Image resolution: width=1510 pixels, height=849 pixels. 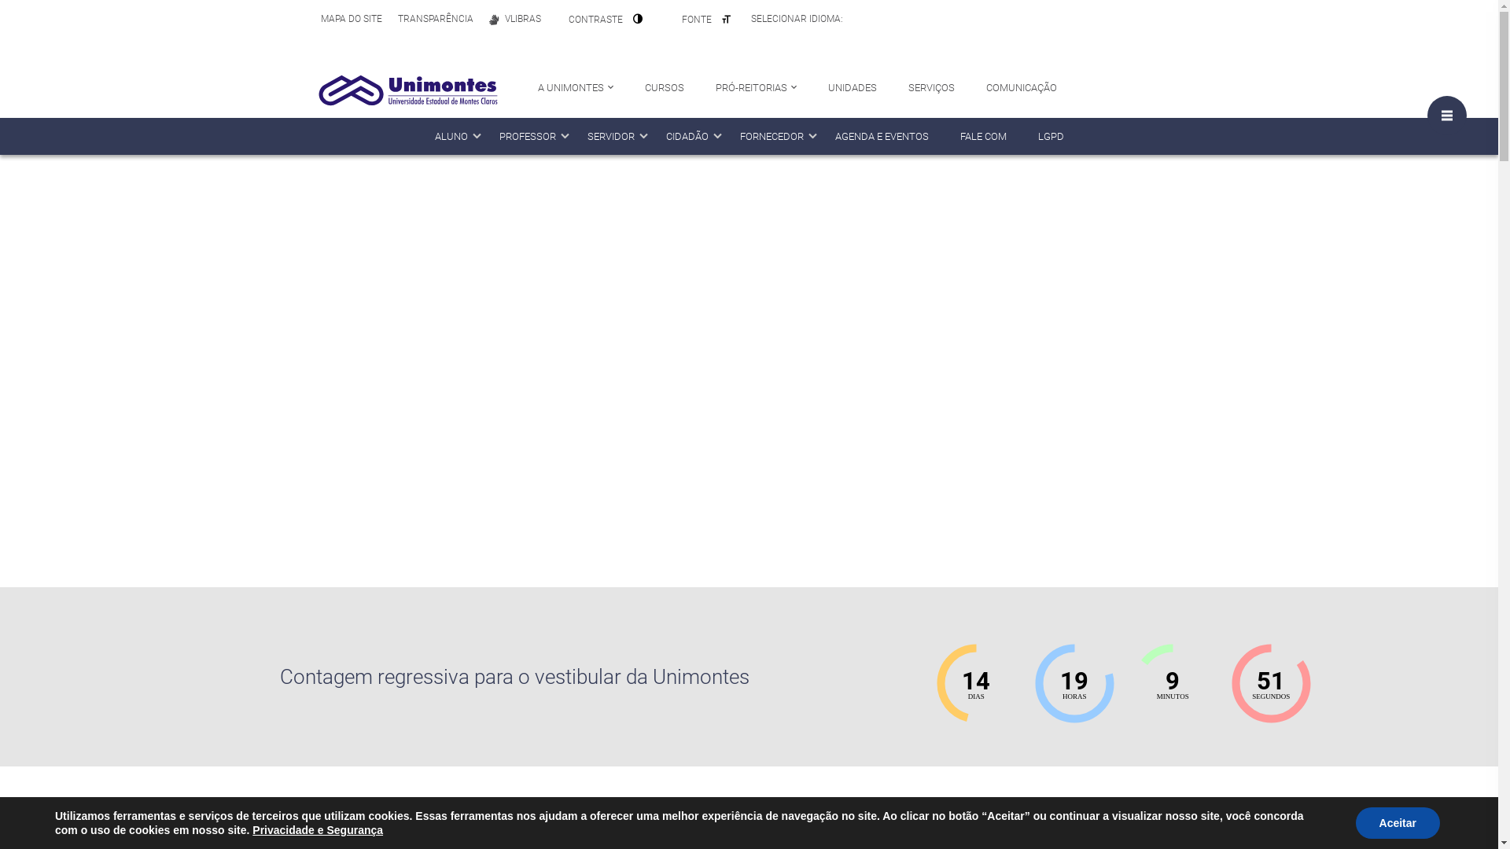 I want to click on 'CONTRASTE', so click(x=604, y=18).